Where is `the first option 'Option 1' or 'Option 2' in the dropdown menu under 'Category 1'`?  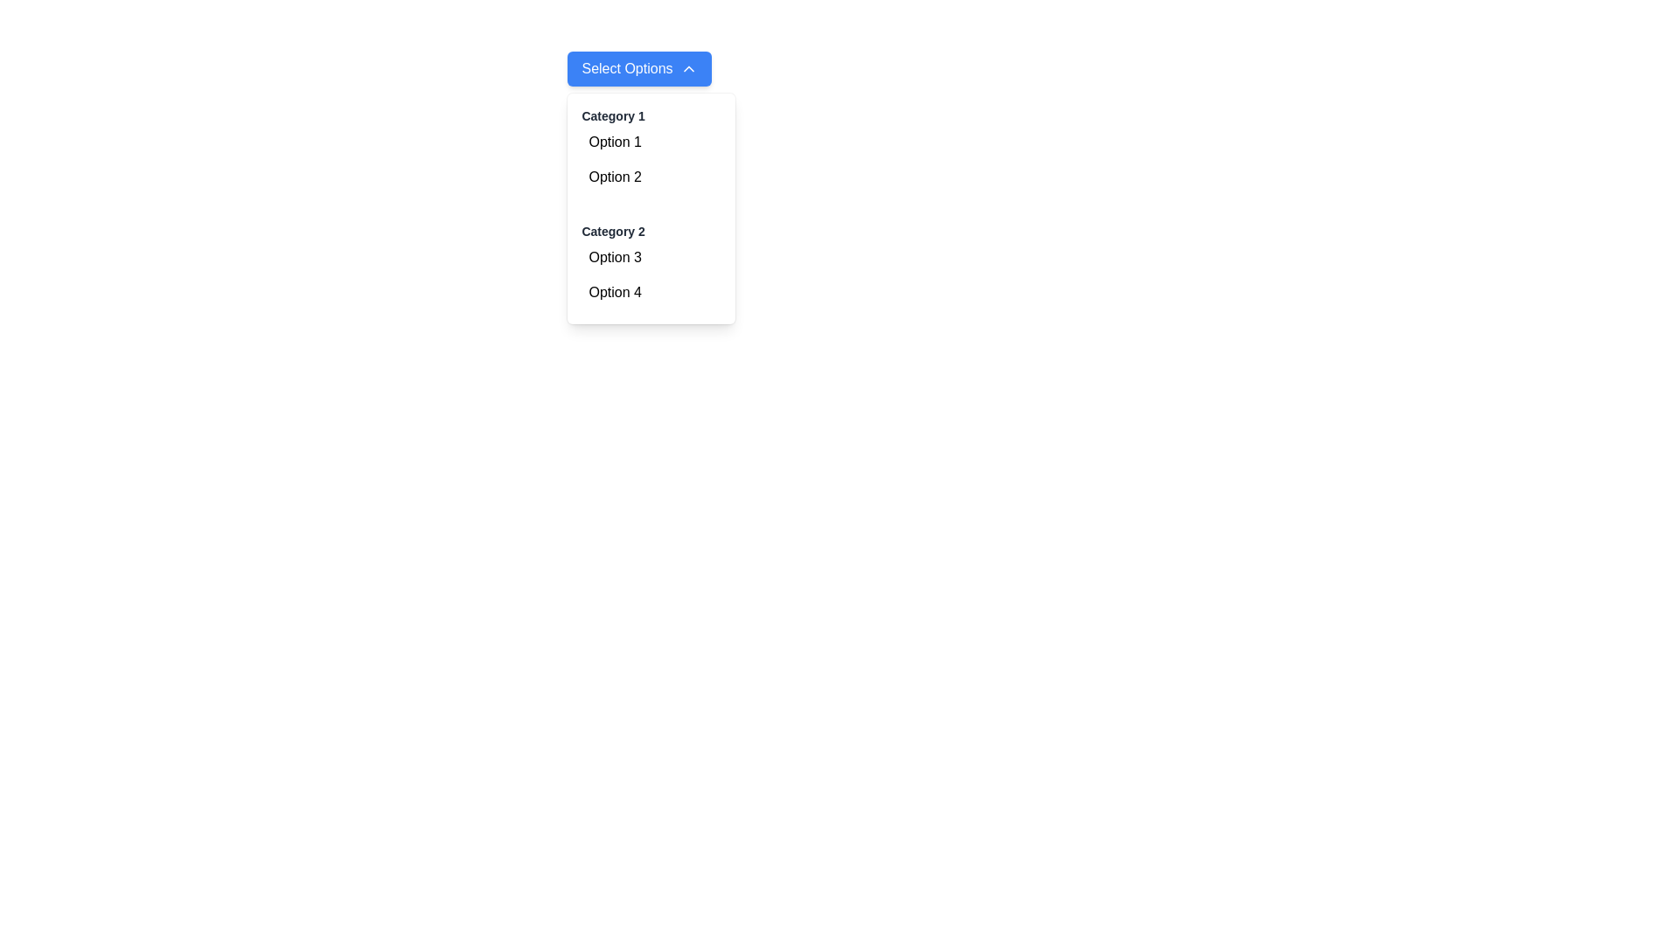 the first option 'Option 1' or 'Option 2' in the dropdown menu under 'Category 1' is located at coordinates (651, 159).